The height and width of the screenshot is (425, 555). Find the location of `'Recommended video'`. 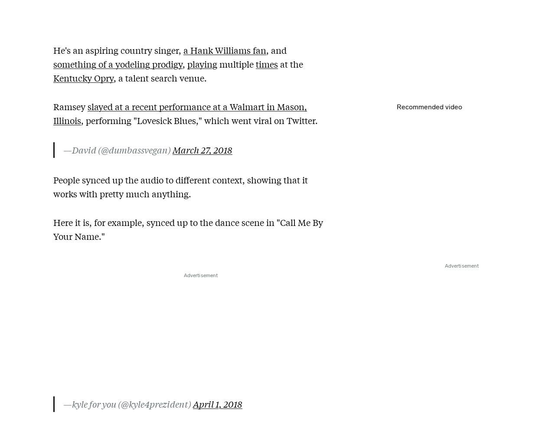

'Recommended video' is located at coordinates (396, 107).